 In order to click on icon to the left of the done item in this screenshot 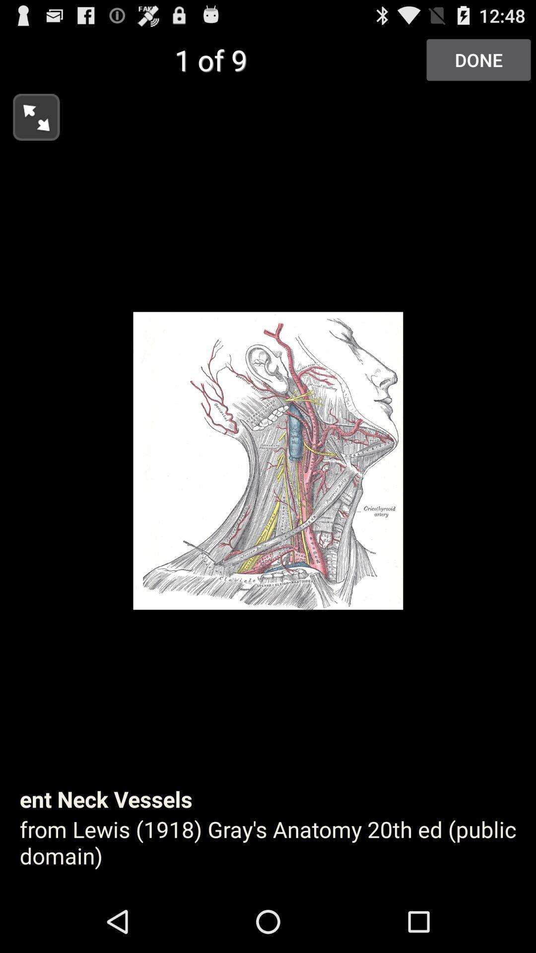, I will do `click(29, 114)`.